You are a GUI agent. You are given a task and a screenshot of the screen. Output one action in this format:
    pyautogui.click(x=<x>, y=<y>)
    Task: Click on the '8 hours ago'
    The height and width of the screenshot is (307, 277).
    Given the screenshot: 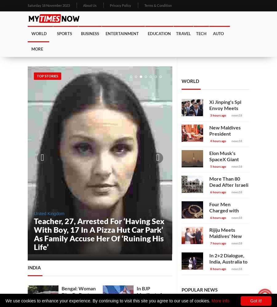 What is the action you would take?
    pyautogui.click(x=218, y=268)
    